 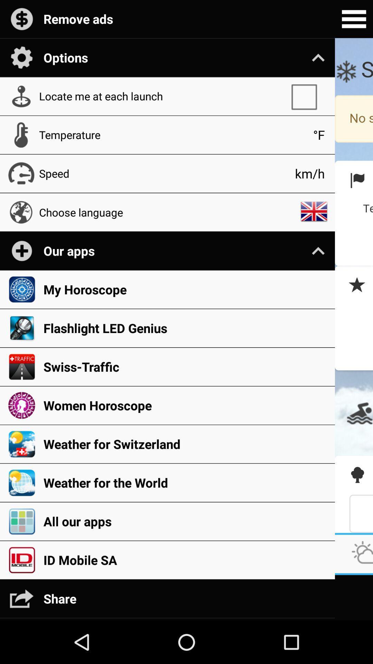 What do you see at coordinates (307, 96) in the screenshot?
I see `app next to the locate me at app` at bounding box center [307, 96].